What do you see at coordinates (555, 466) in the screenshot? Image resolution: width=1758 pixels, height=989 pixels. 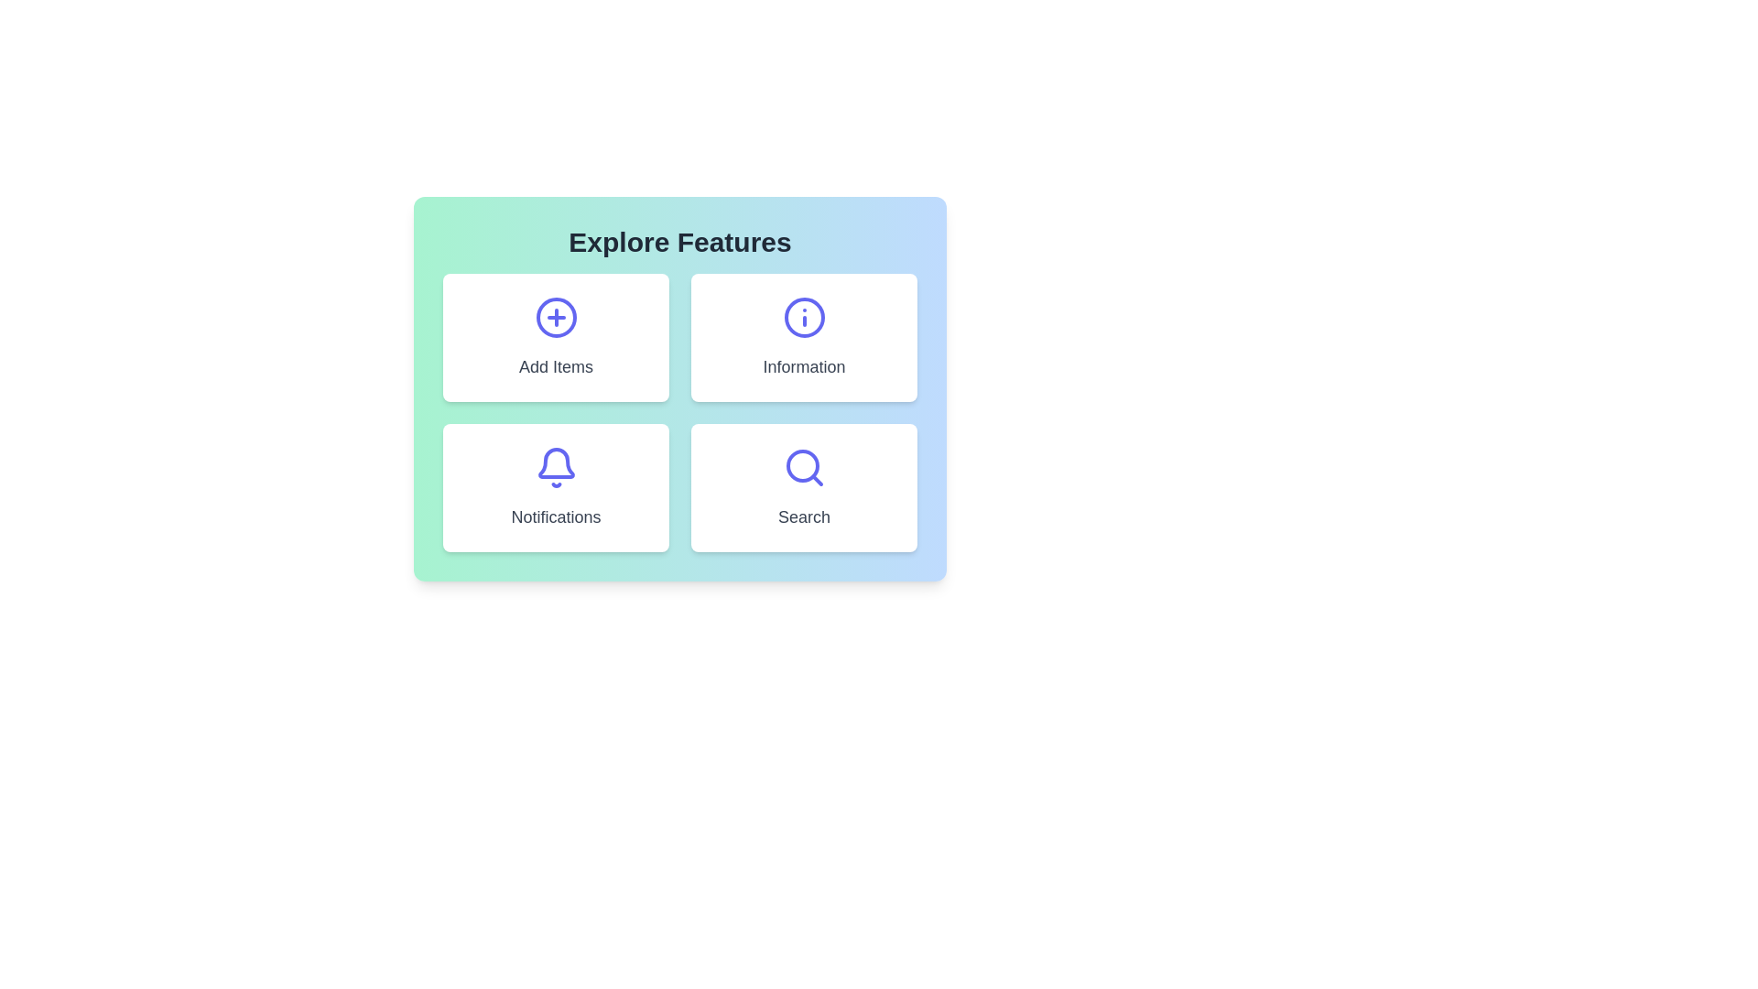 I see `the bell icon located in the bottom-left card of the grid to interact with the notifications feature` at bounding box center [555, 466].